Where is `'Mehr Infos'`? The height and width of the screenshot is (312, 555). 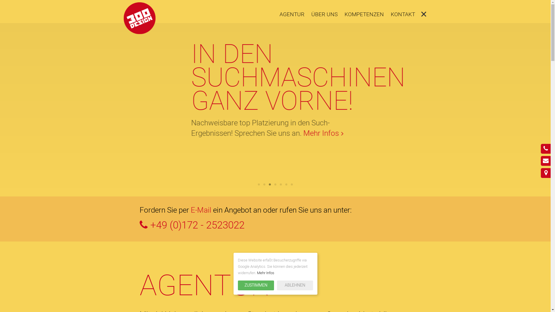 'Mehr Infos' is located at coordinates (236, 157).